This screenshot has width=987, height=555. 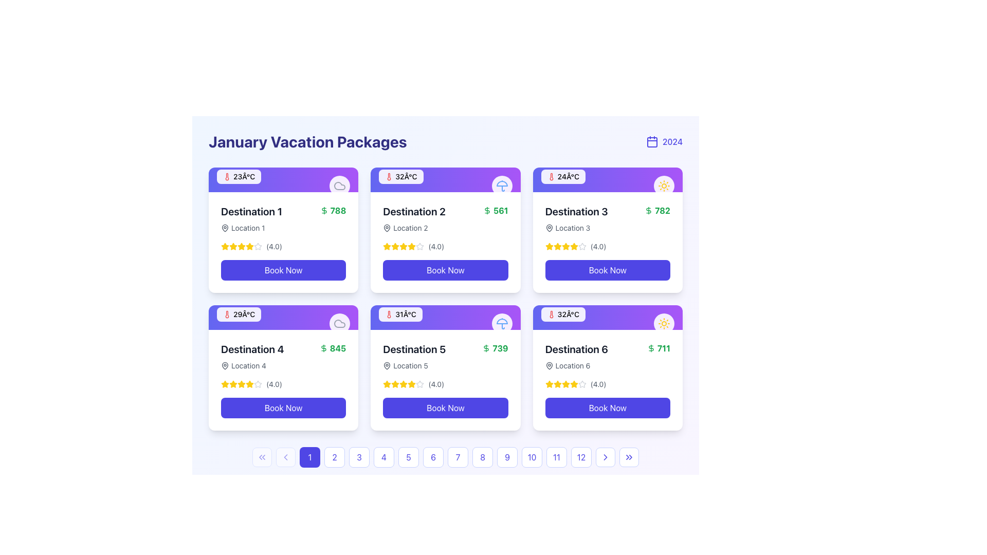 What do you see at coordinates (433, 457) in the screenshot?
I see `the circular button displaying the number '6' with an indigo text and a white background, located in the pagination control section at the bottom center of the interface` at bounding box center [433, 457].